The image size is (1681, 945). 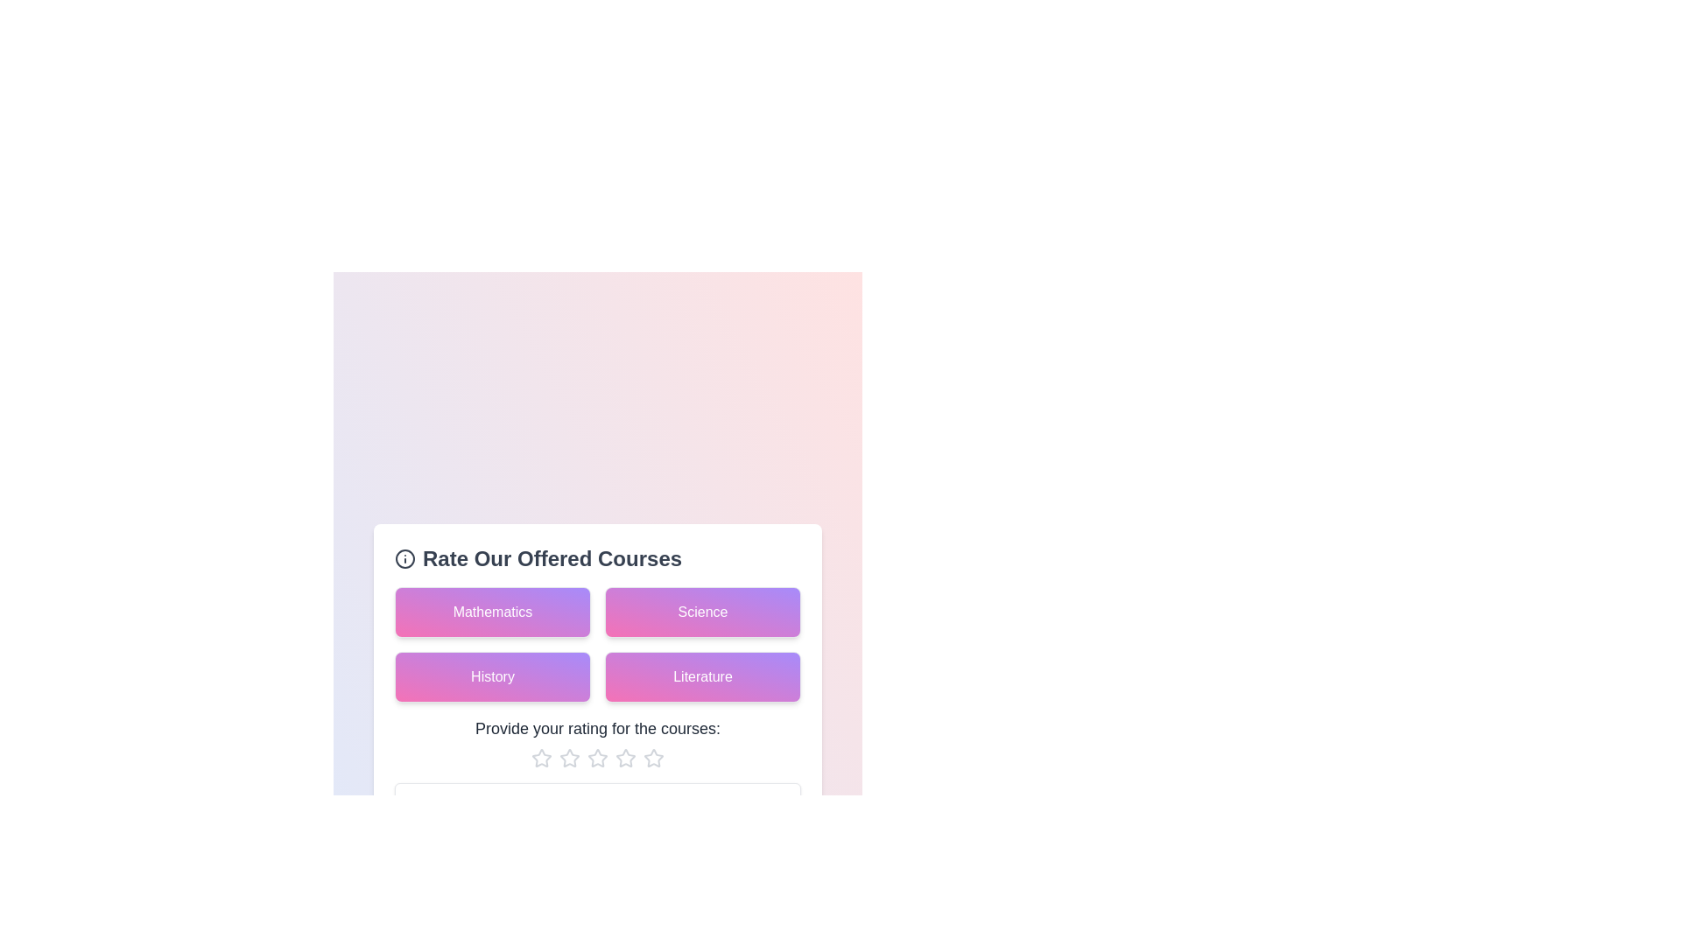 What do you see at coordinates (702, 675) in the screenshot?
I see `the course card labeled Literature` at bounding box center [702, 675].